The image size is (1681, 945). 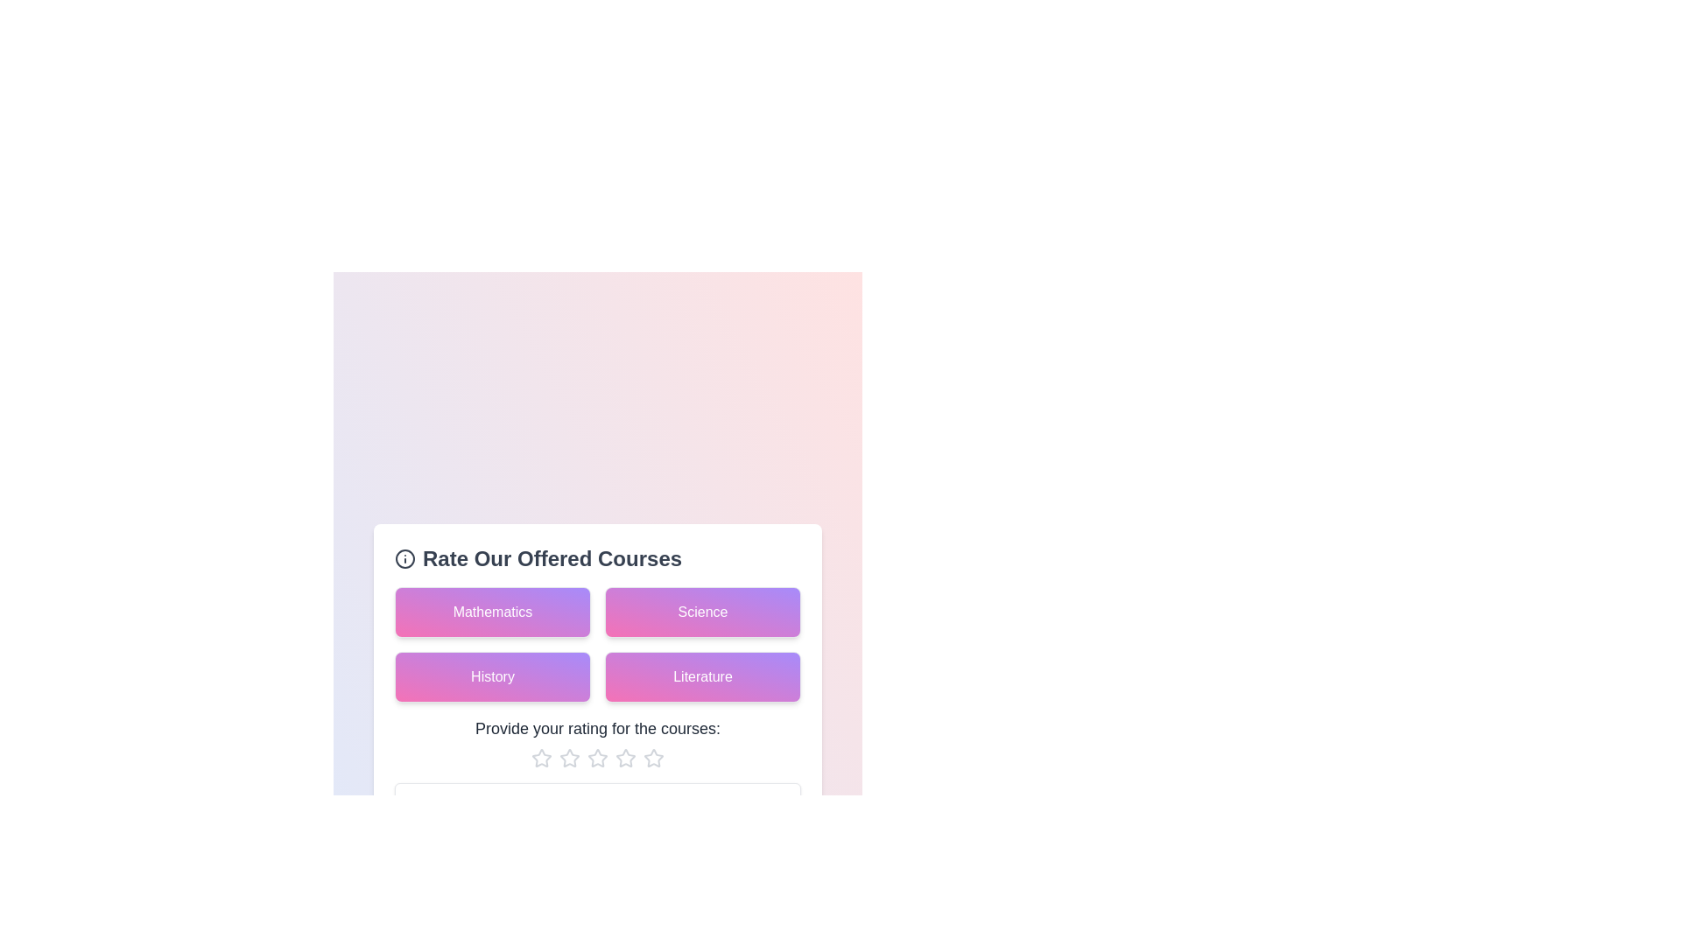 What do you see at coordinates (702, 675) in the screenshot?
I see `the course card labeled Literature` at bounding box center [702, 675].